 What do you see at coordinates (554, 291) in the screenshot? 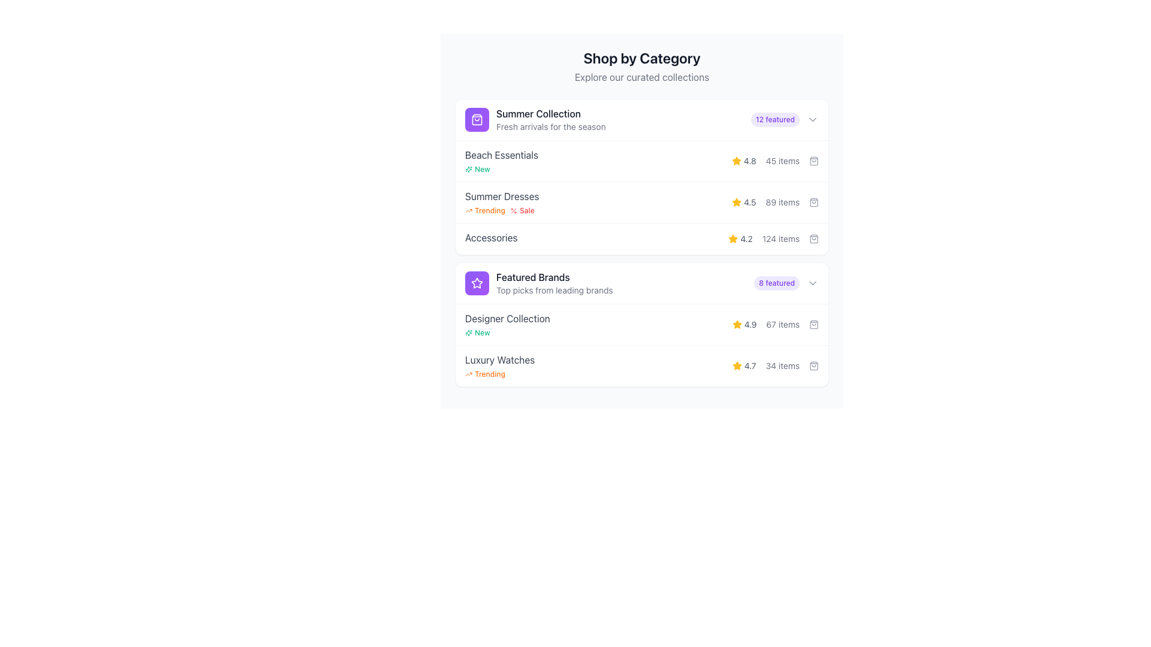
I see `the static text element located directly below the 'Featured Brands' title in the 'Featured Brands' panel` at bounding box center [554, 291].